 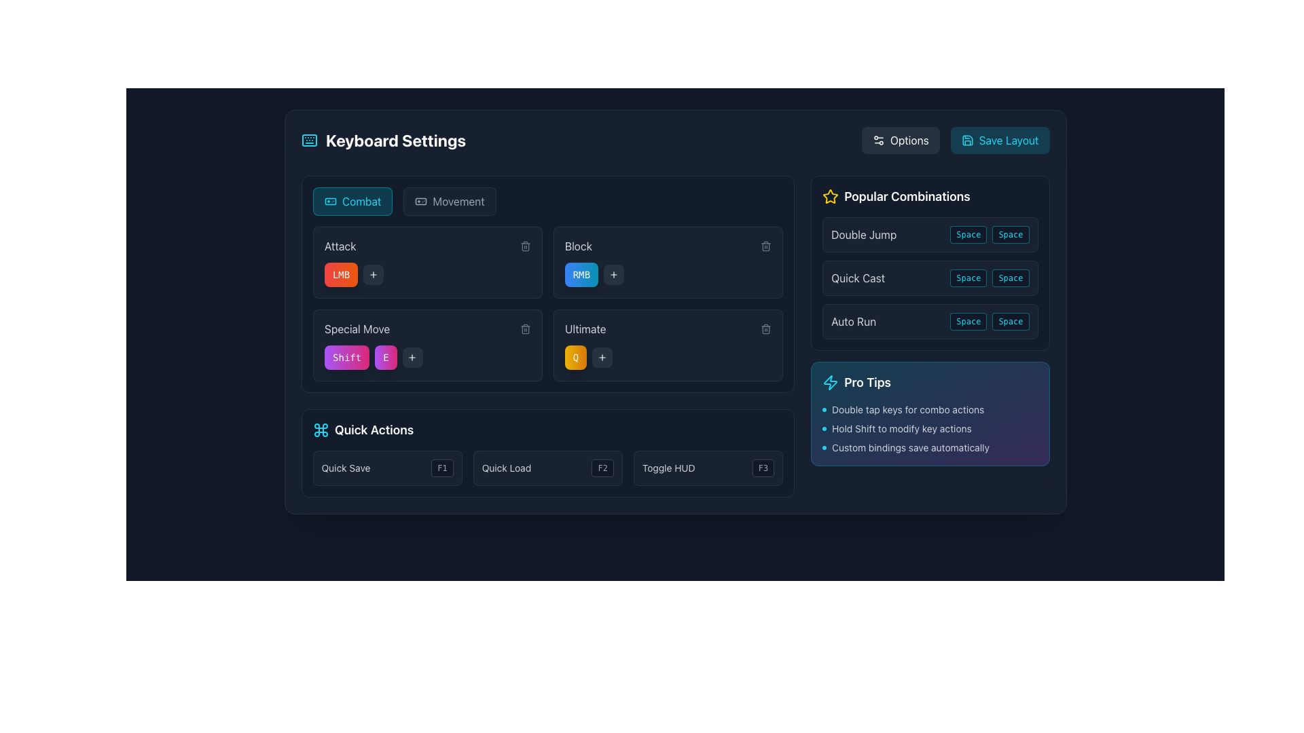 I want to click on displayed text of the 'Space' key combination element located in the 'Popular Combinations' section, which is the second element in the row under the 'Quick Cast' label, so click(x=990, y=277).